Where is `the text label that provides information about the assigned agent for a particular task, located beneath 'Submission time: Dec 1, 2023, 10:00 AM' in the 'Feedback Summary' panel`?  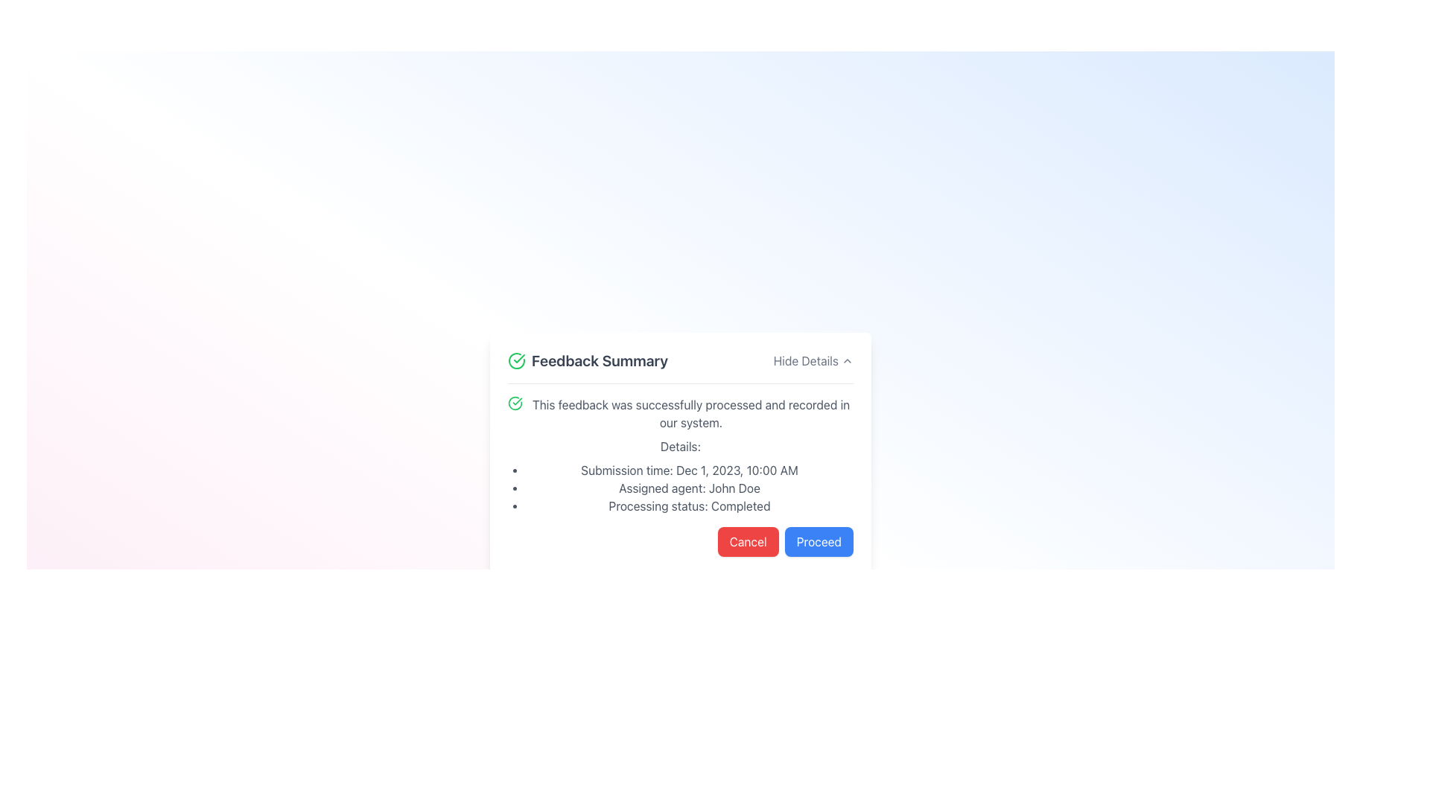
the text label that provides information about the assigned agent for a particular task, located beneath 'Submission time: Dec 1, 2023, 10:00 AM' in the 'Feedback Summary' panel is located at coordinates (689, 488).